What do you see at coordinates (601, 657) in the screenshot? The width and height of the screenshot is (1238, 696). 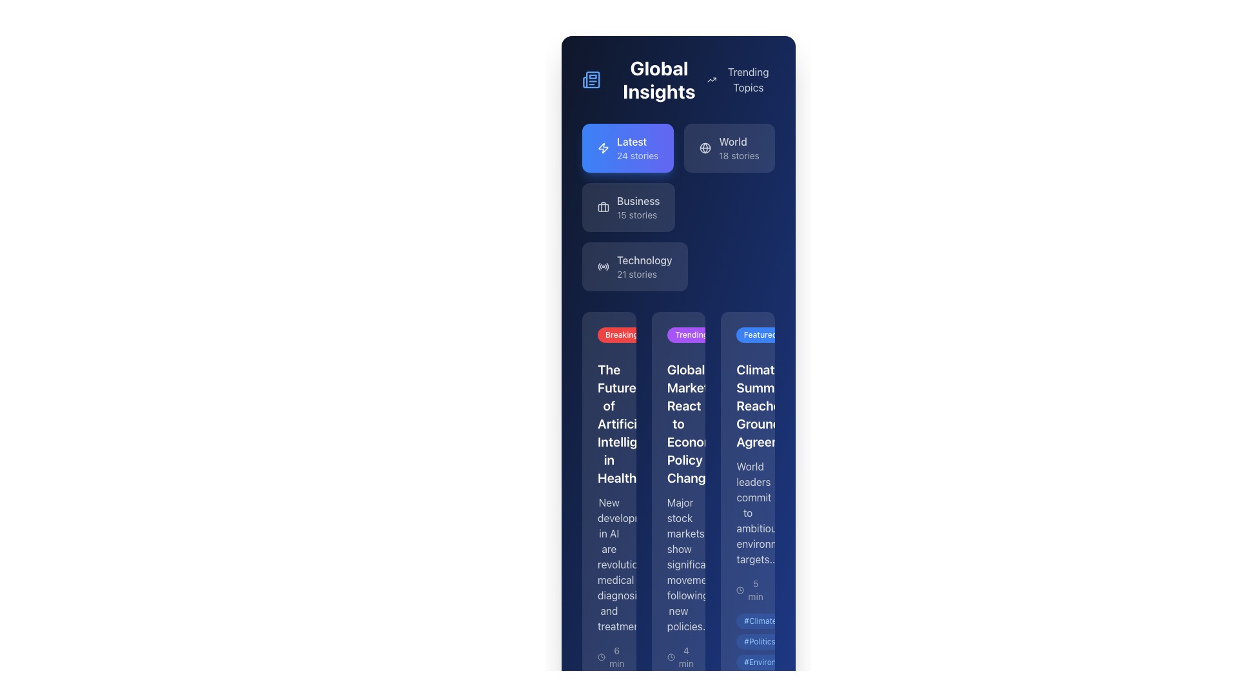 I see `the SVG circle that is part of the clock icon located at the bottom left of the news article details column` at bounding box center [601, 657].